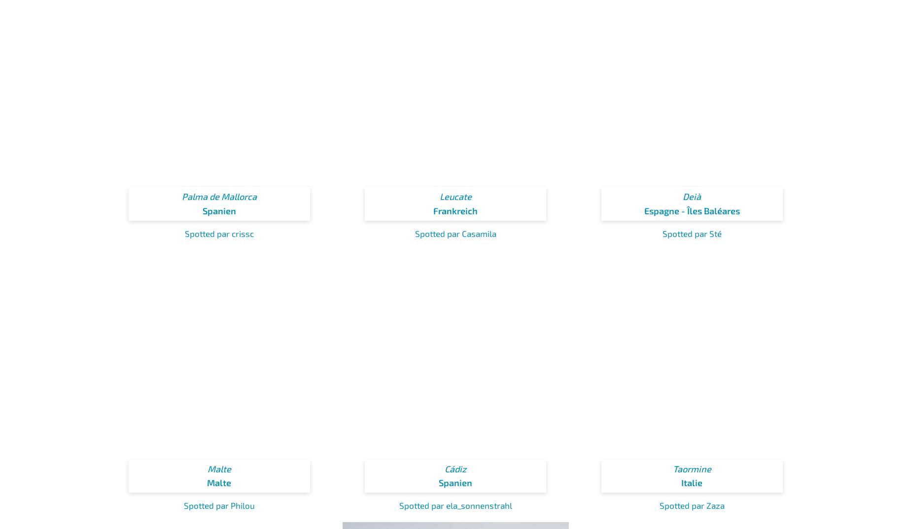 The image size is (912, 529). What do you see at coordinates (692, 210) in the screenshot?
I see `'Espagne - Îles Baléares'` at bounding box center [692, 210].